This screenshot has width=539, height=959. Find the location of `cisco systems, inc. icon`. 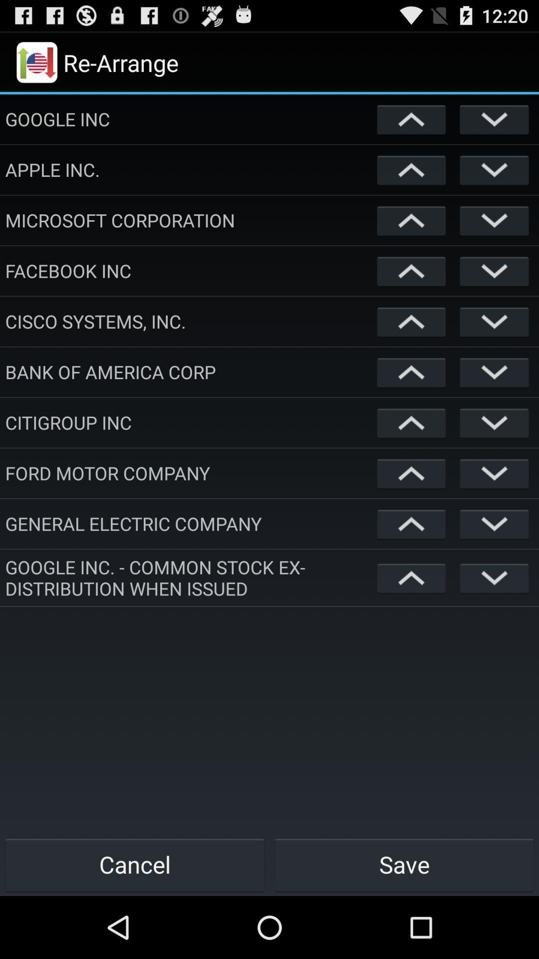

cisco systems, inc. icon is located at coordinates (189, 321).